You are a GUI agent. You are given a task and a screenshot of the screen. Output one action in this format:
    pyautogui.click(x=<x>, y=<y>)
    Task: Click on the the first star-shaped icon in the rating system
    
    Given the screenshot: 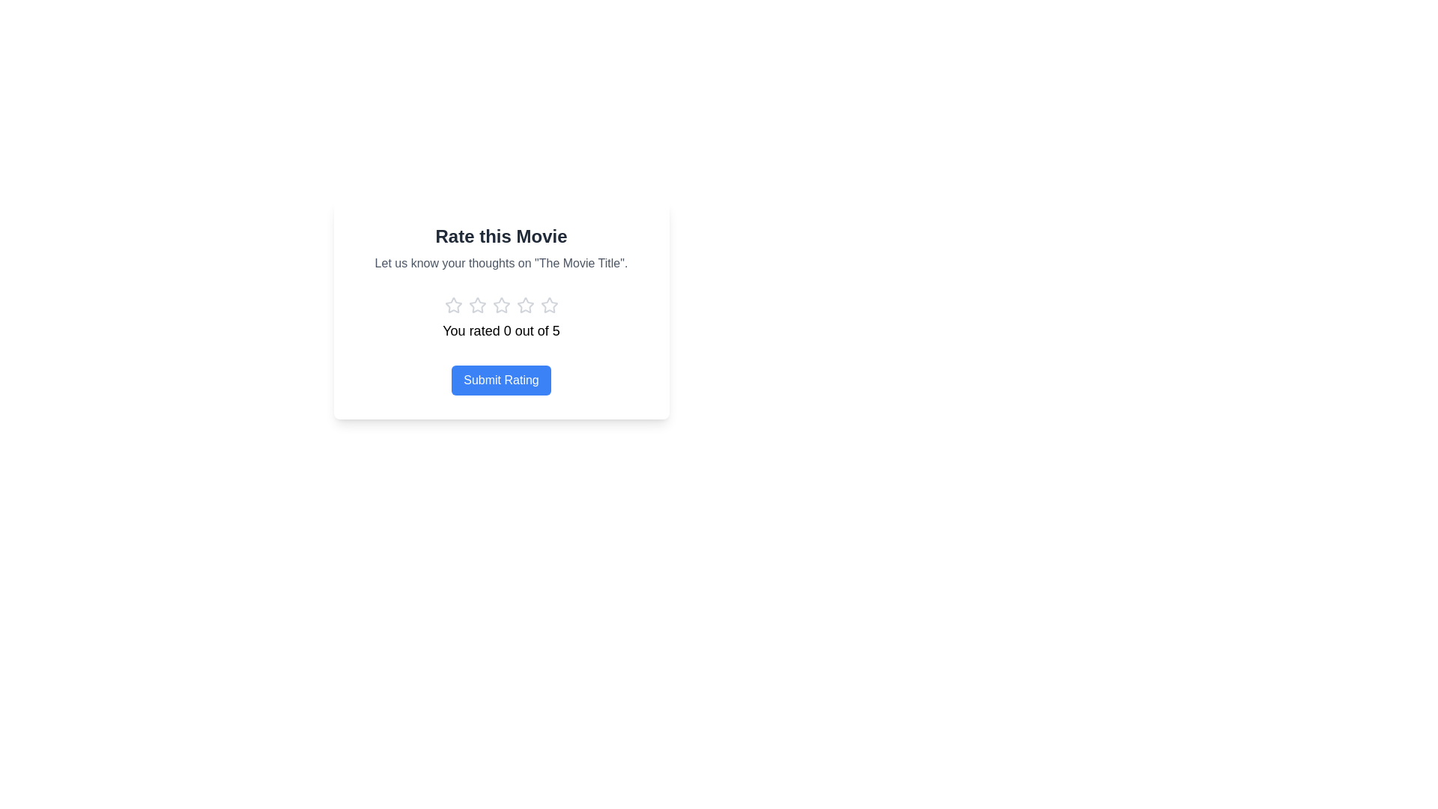 What is the action you would take?
    pyautogui.click(x=476, y=304)
    